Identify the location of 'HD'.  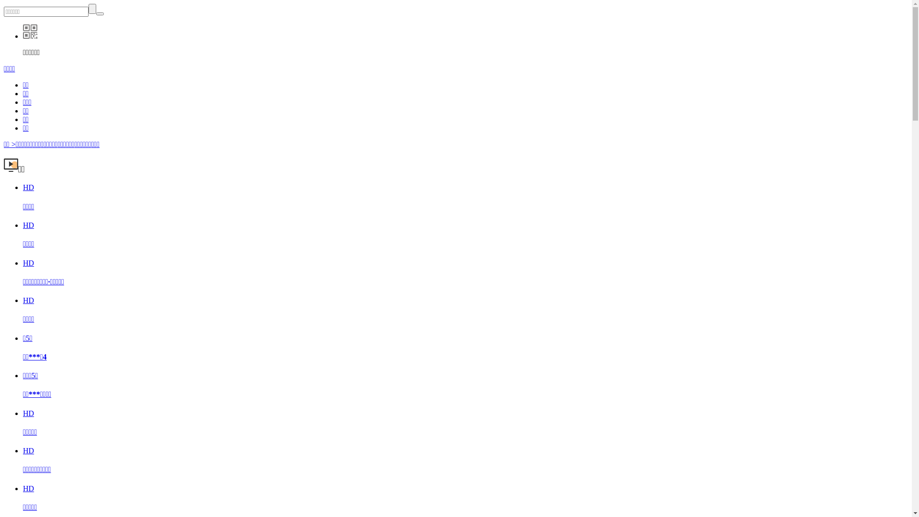
(28, 488).